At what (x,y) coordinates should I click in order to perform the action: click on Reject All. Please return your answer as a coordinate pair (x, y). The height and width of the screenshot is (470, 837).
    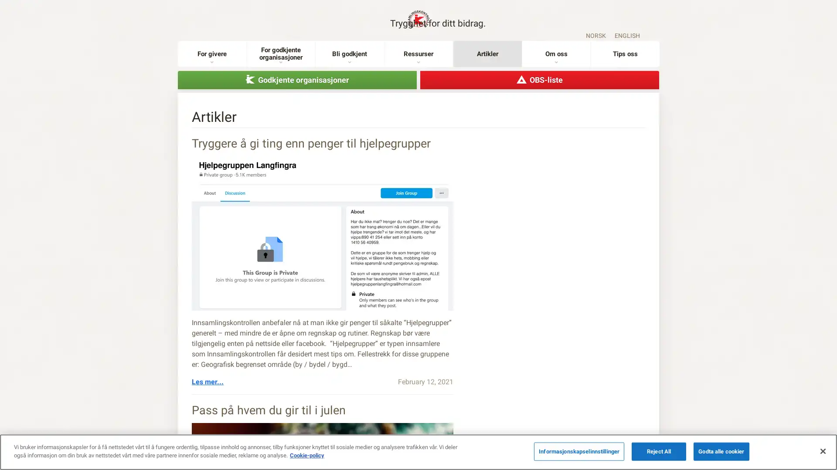
    Looking at the image, I should click on (659, 451).